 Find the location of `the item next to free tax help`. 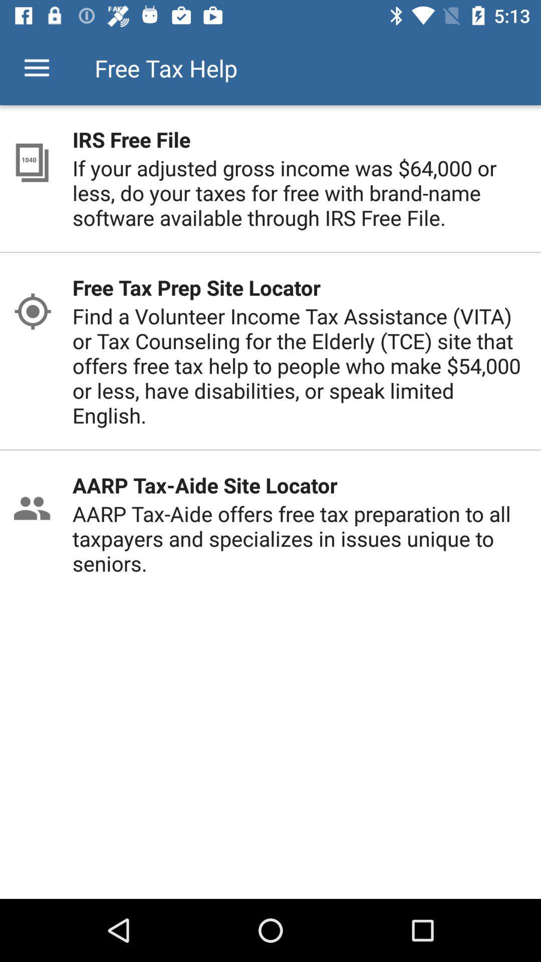

the item next to free tax help is located at coordinates (36, 68).